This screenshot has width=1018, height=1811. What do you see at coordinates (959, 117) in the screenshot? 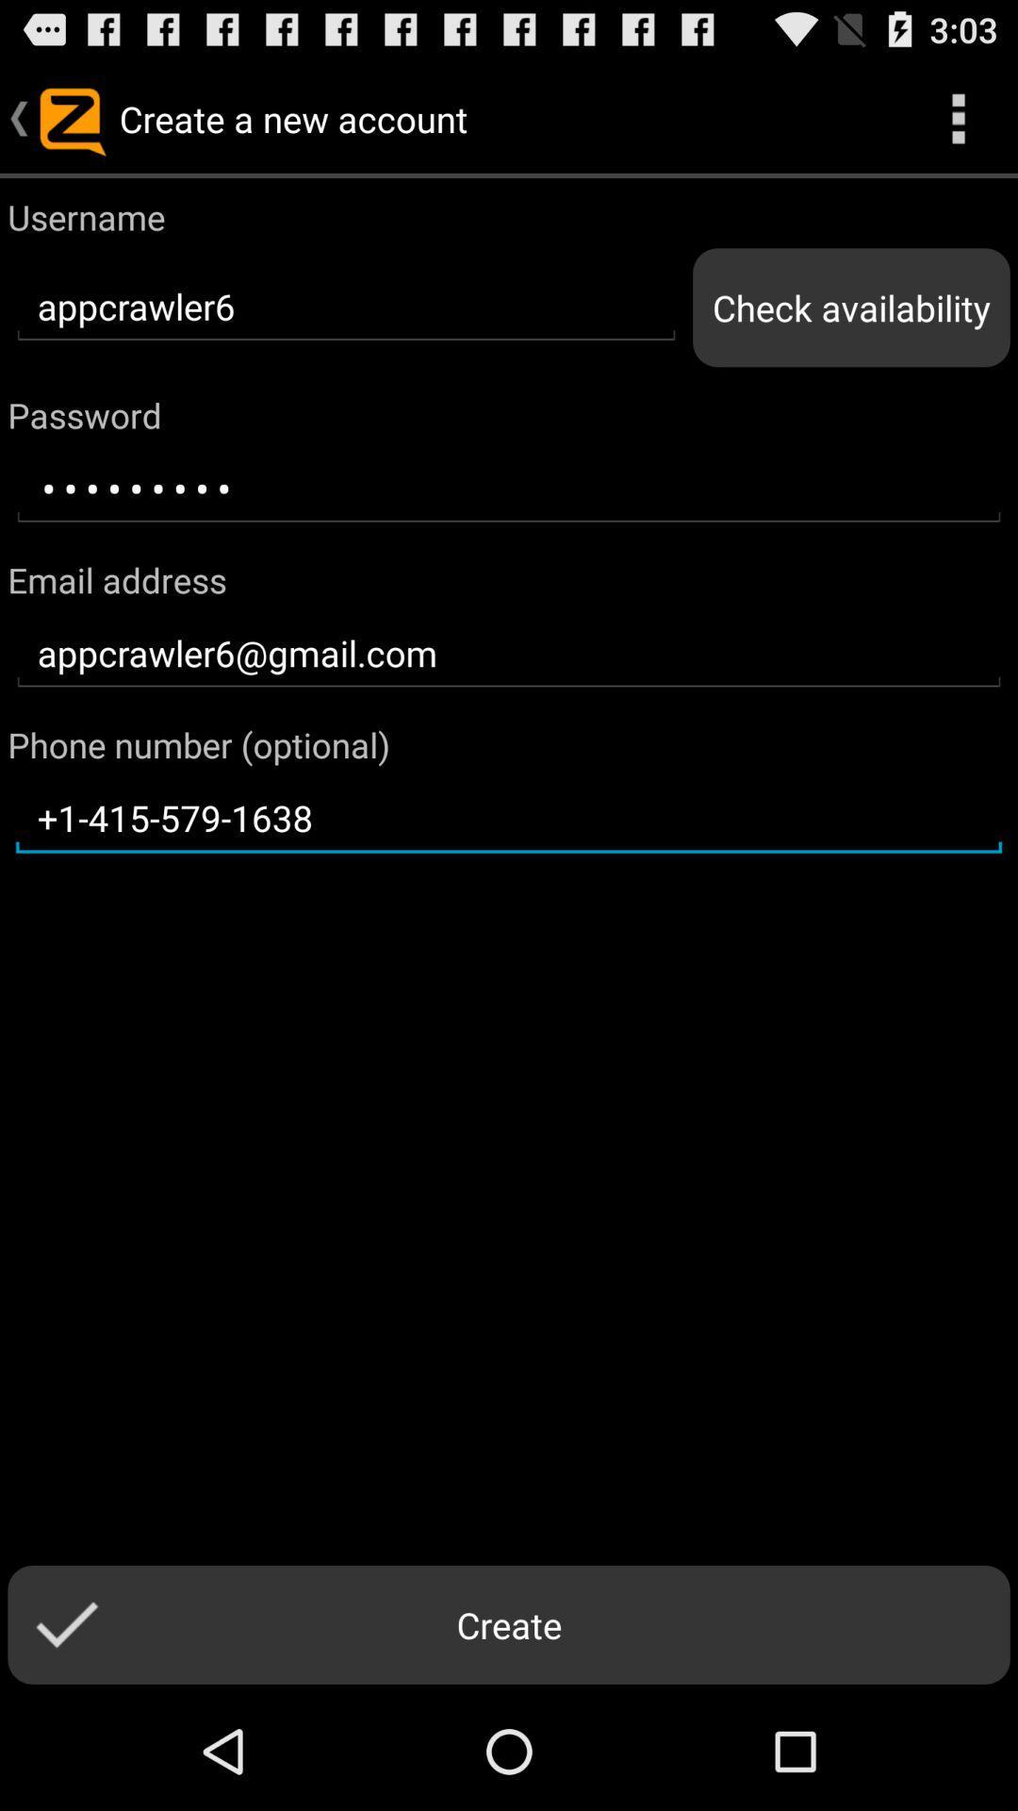
I see `the options icon which is on the top right side` at bounding box center [959, 117].